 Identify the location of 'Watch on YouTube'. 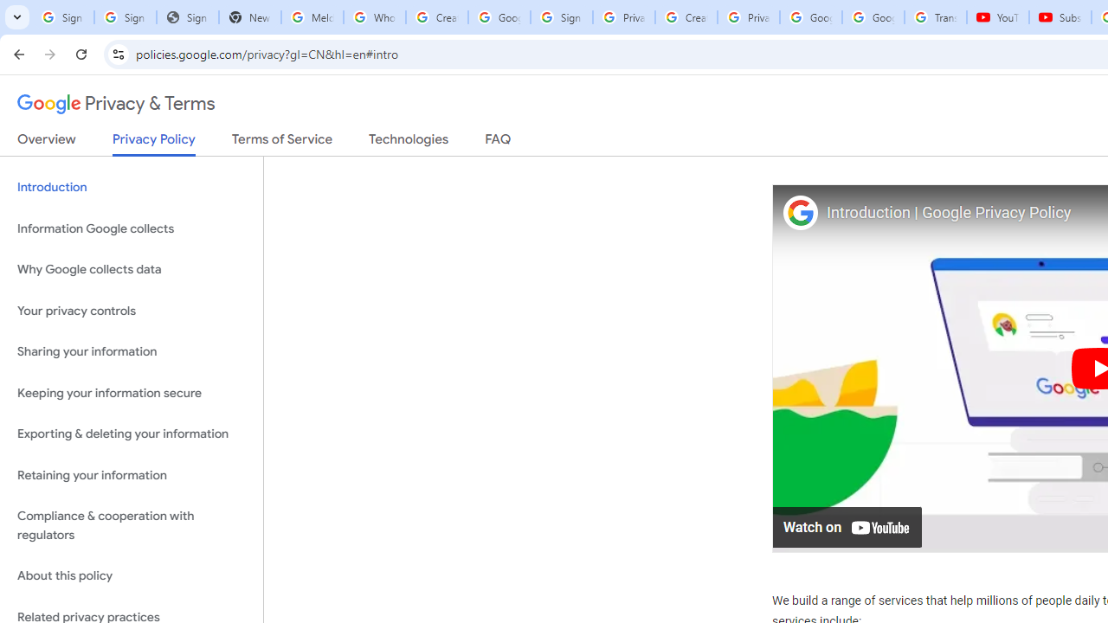
(847, 525).